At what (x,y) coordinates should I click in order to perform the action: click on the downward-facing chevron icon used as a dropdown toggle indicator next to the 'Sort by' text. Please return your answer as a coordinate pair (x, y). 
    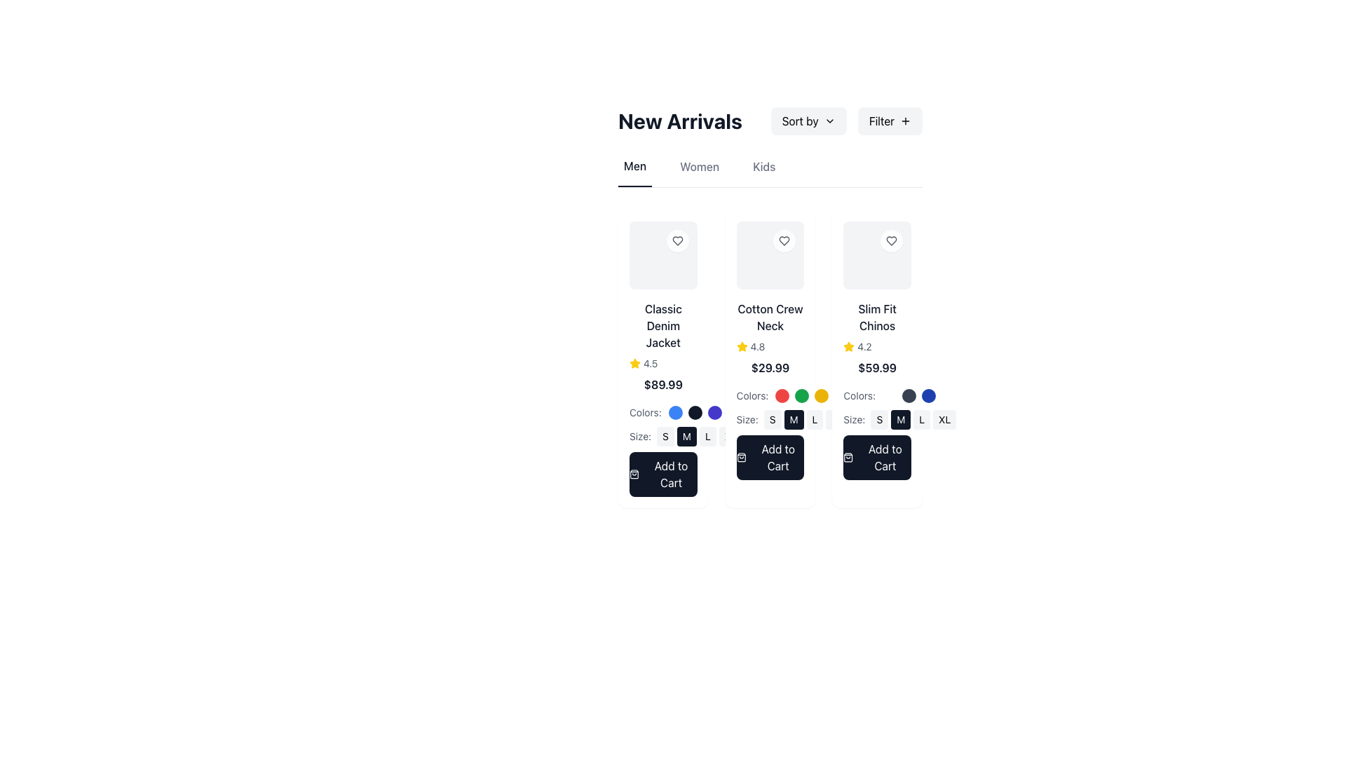
    Looking at the image, I should click on (829, 121).